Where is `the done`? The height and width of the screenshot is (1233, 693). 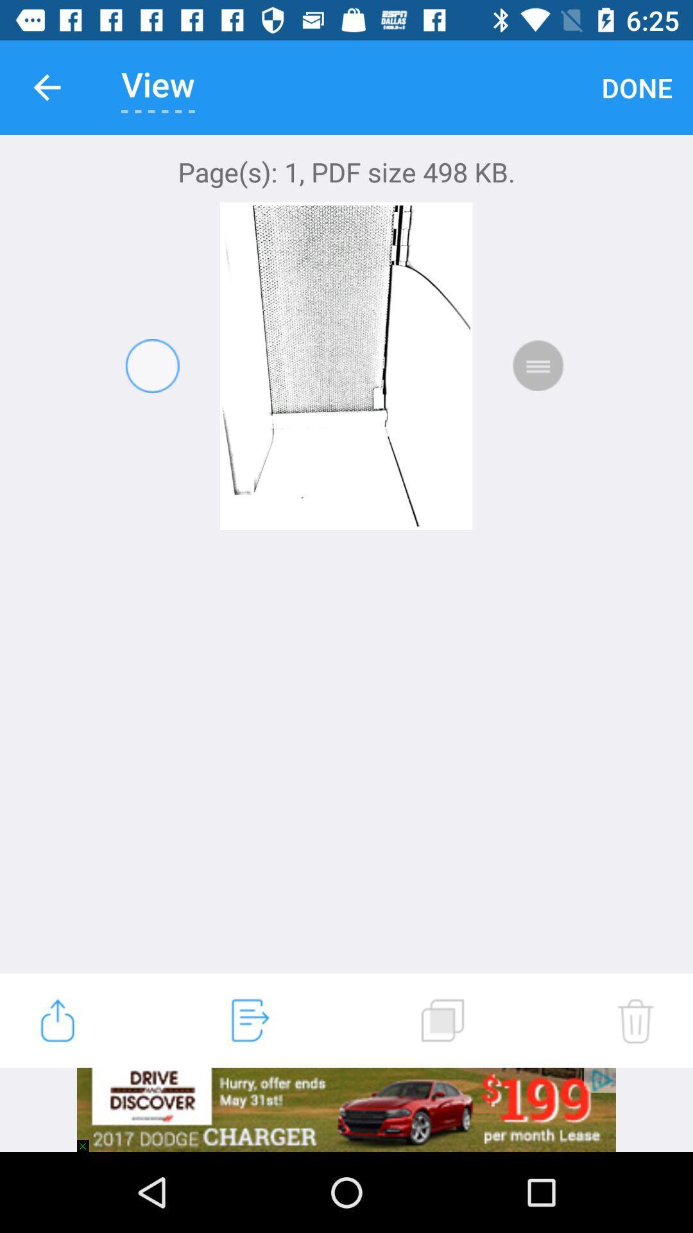
the done is located at coordinates (637, 87).